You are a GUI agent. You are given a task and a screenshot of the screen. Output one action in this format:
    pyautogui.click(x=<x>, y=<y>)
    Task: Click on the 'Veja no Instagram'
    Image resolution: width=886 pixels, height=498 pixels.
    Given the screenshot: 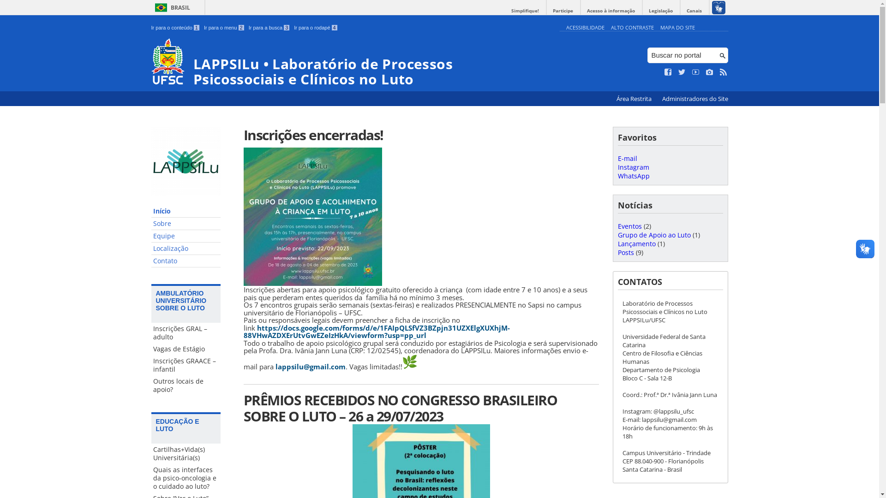 What is the action you would take?
    pyautogui.click(x=709, y=72)
    